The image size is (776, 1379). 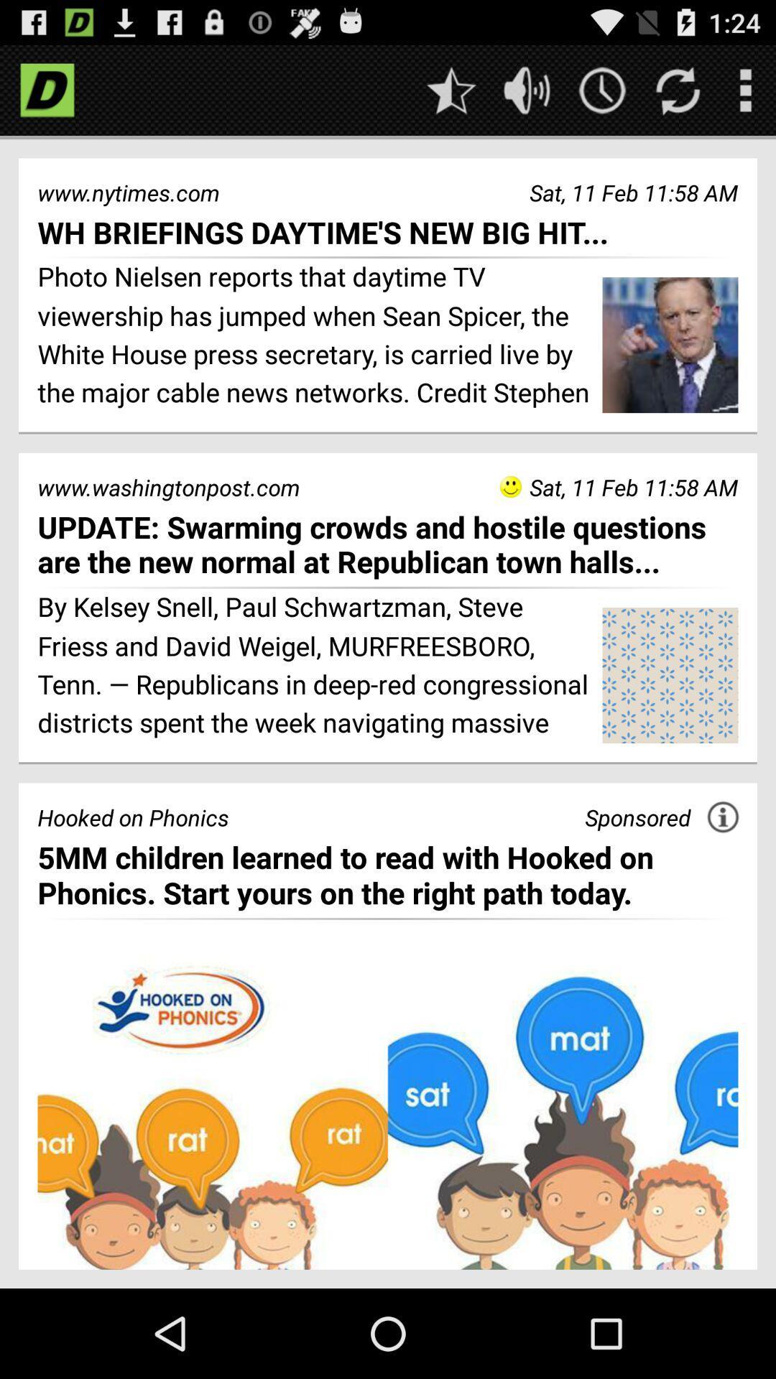 What do you see at coordinates (527, 89) in the screenshot?
I see `control volume` at bounding box center [527, 89].